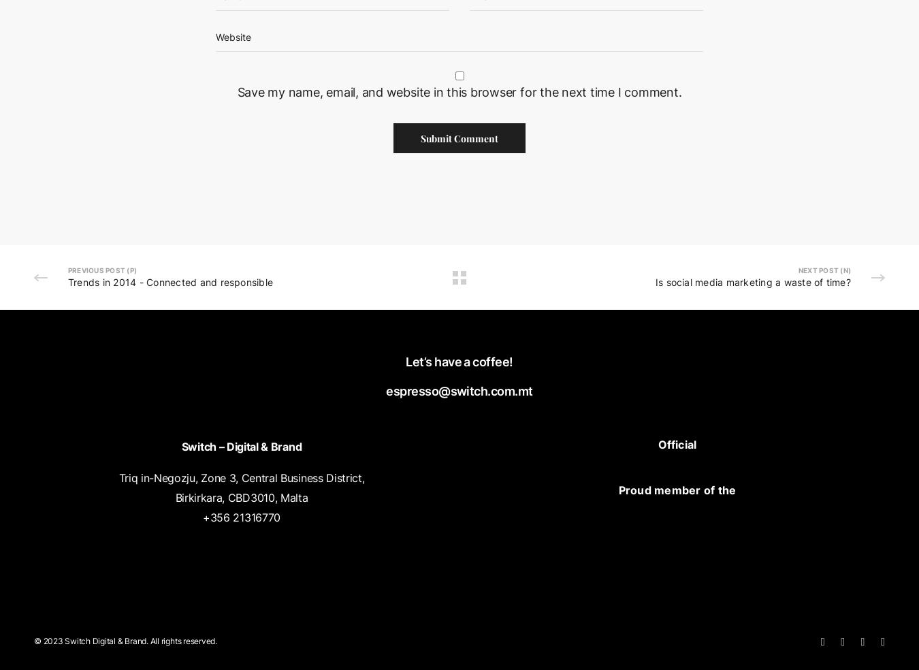  What do you see at coordinates (241, 515) in the screenshot?
I see `'+356 21316770'` at bounding box center [241, 515].